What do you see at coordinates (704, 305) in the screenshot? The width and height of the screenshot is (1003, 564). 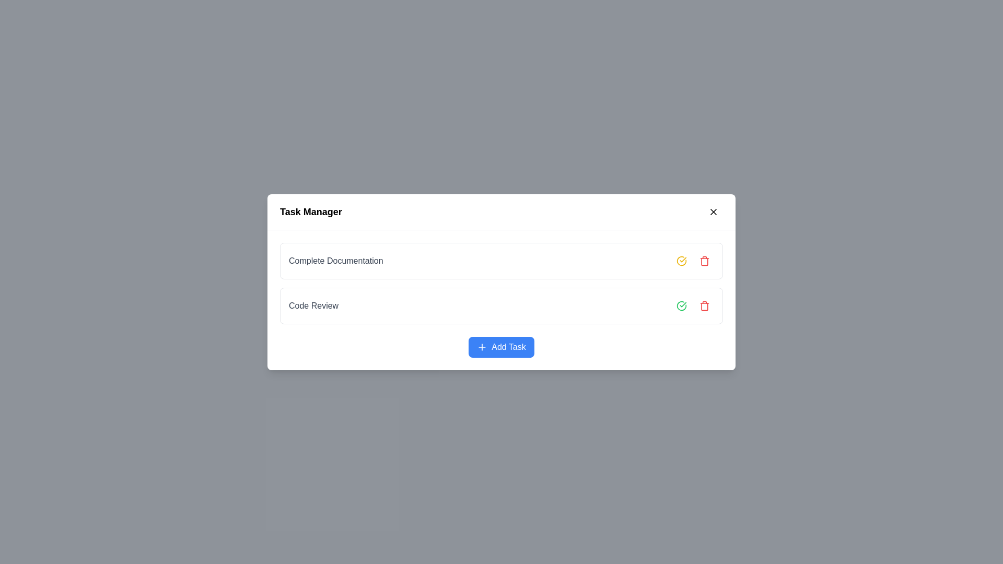 I see `the delete button on the far right end of the 'Code Review' task in the task manager list` at bounding box center [704, 305].